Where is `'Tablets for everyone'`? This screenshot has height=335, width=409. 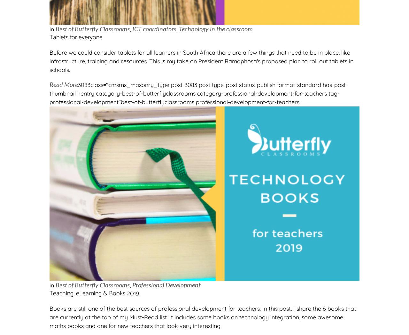
'Tablets for everyone' is located at coordinates (76, 37).